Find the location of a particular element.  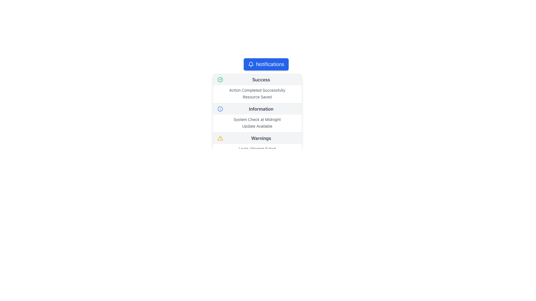

the blue circular outline of the information icon located in the second row of the notifications list is located at coordinates (220, 109).